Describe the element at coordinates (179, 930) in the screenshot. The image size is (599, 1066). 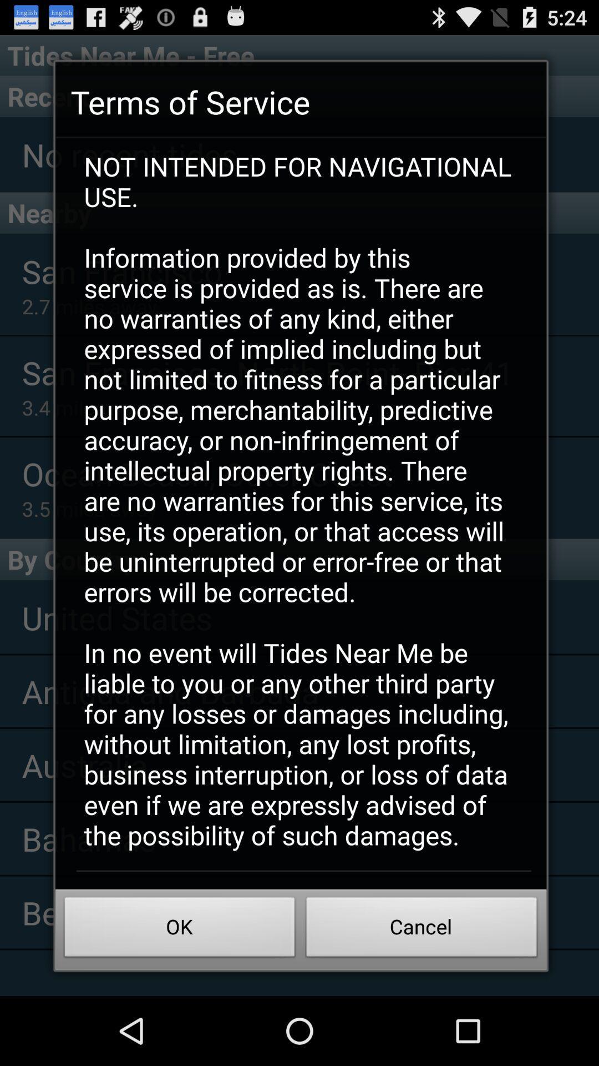
I see `the button next to cancel button` at that location.